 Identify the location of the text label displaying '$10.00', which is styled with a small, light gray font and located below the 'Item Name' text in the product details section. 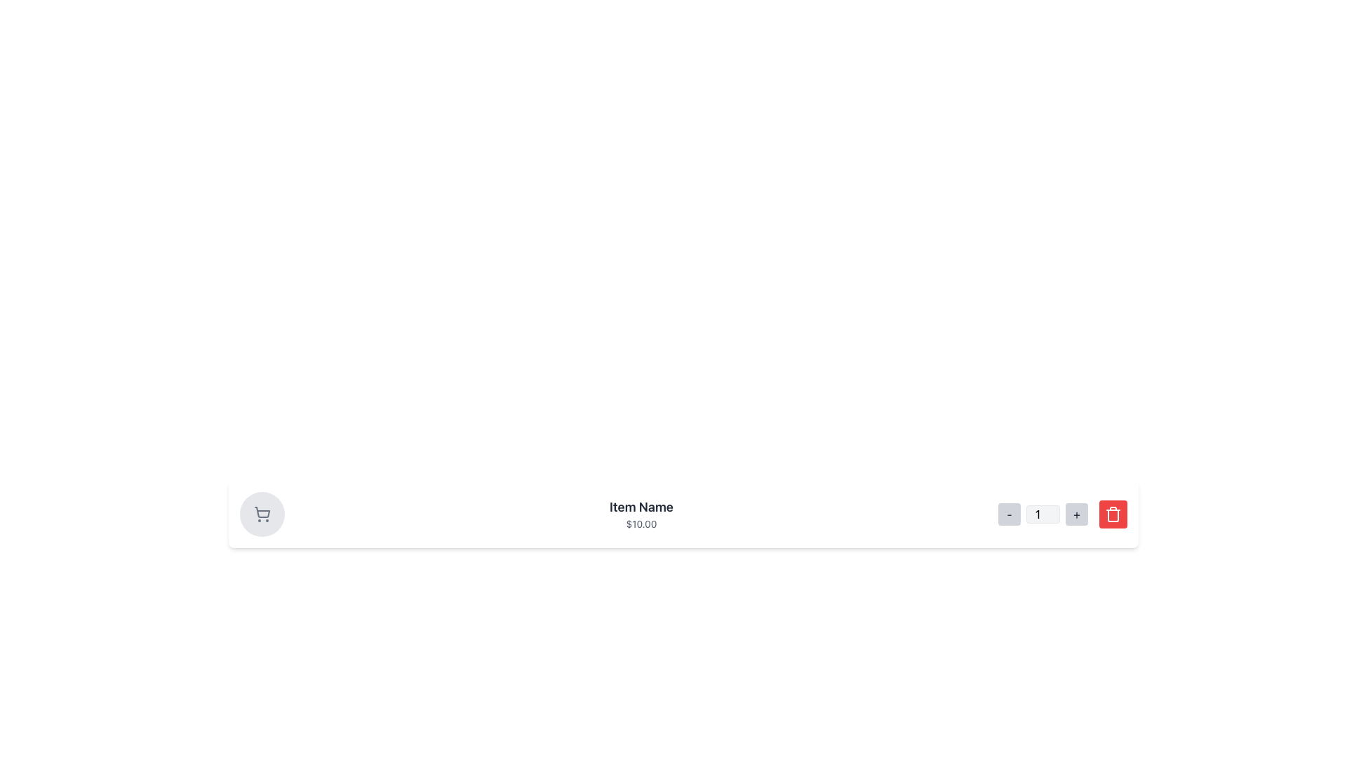
(641, 524).